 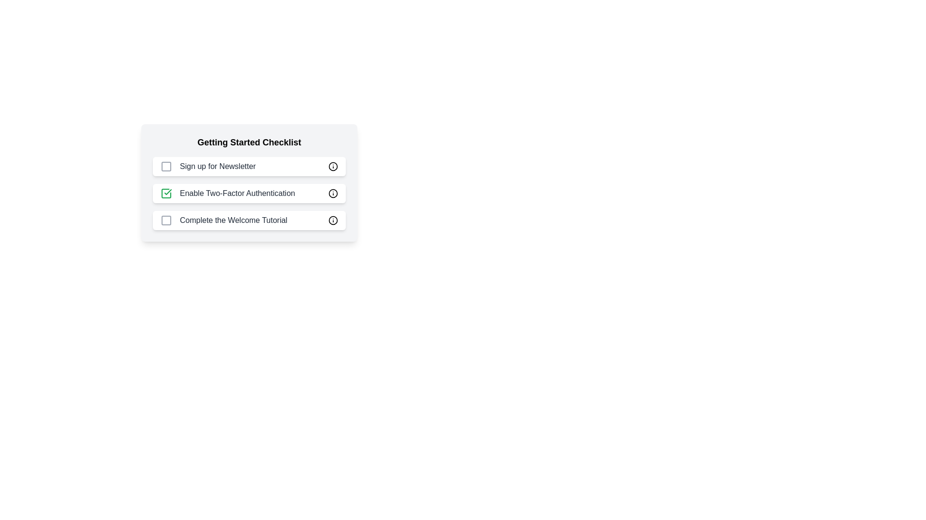 What do you see at coordinates (249, 193) in the screenshot?
I see `the second checklist item related to enabling two-factor authentication, which is positioned between 'Sign up for Newsletter' and 'Complete the Welcome Tutorial'` at bounding box center [249, 193].